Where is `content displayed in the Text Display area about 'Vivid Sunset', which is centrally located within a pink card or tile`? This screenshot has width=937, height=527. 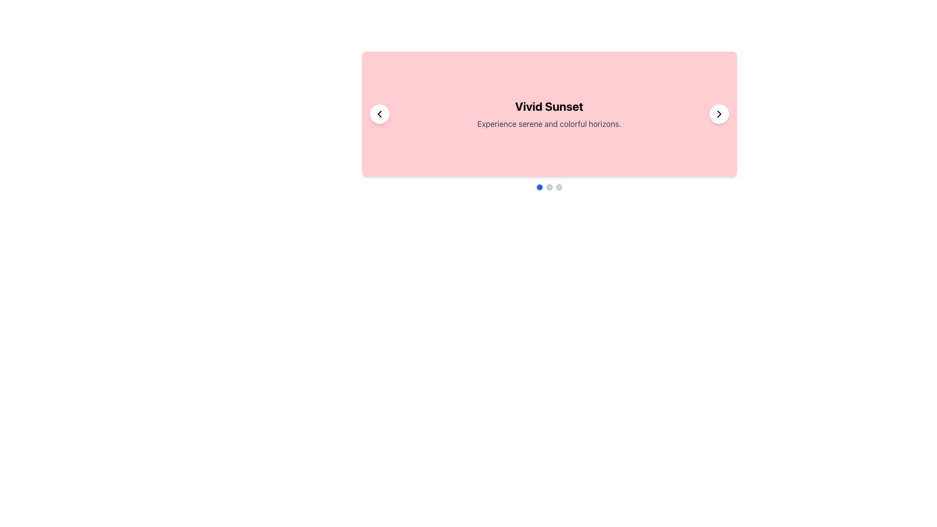 content displayed in the Text Display area about 'Vivid Sunset', which is centrally located within a pink card or tile is located at coordinates (549, 114).